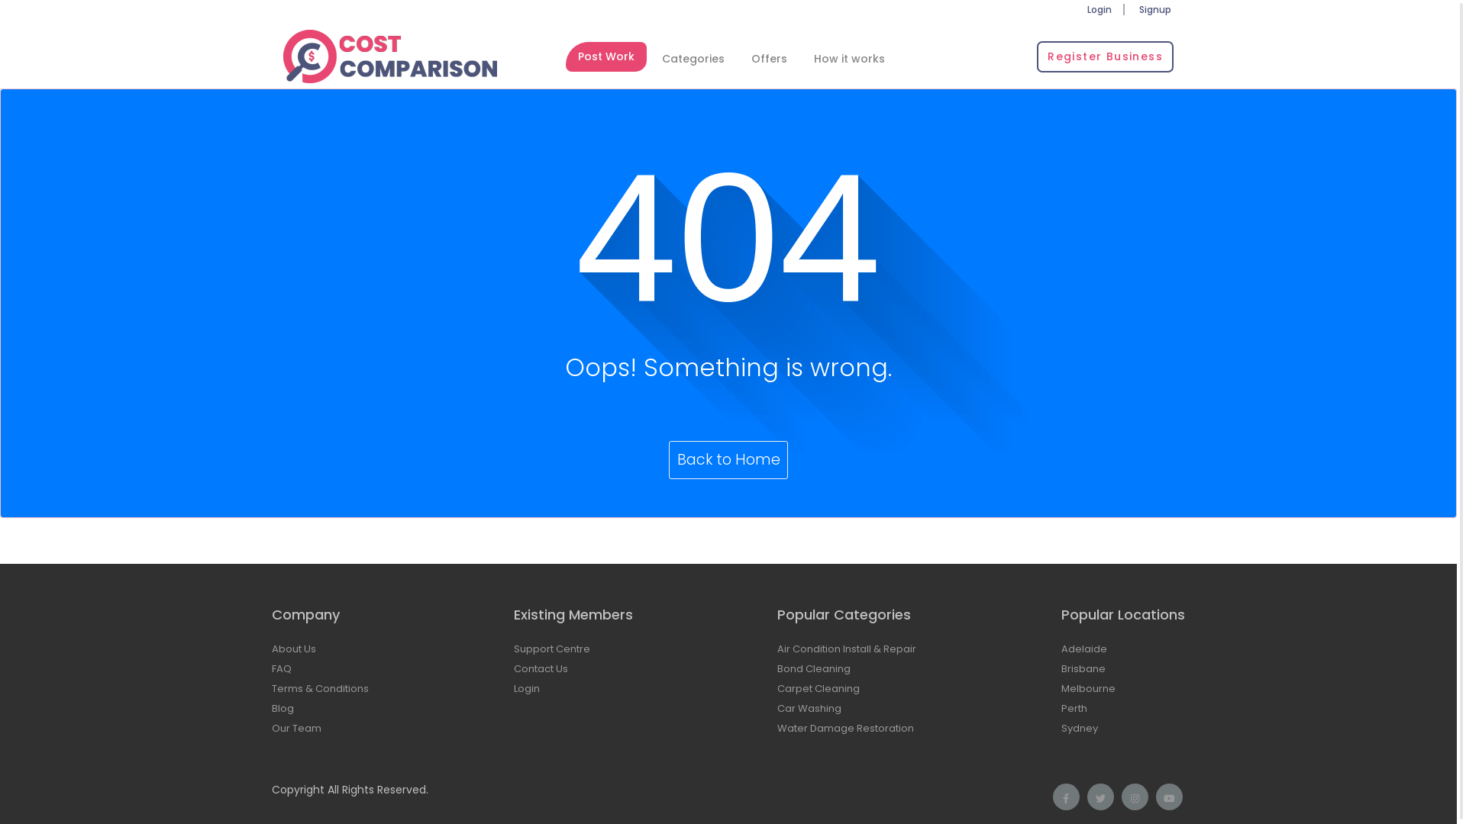 The image size is (1466, 824). I want to click on 'Login', so click(527, 688).